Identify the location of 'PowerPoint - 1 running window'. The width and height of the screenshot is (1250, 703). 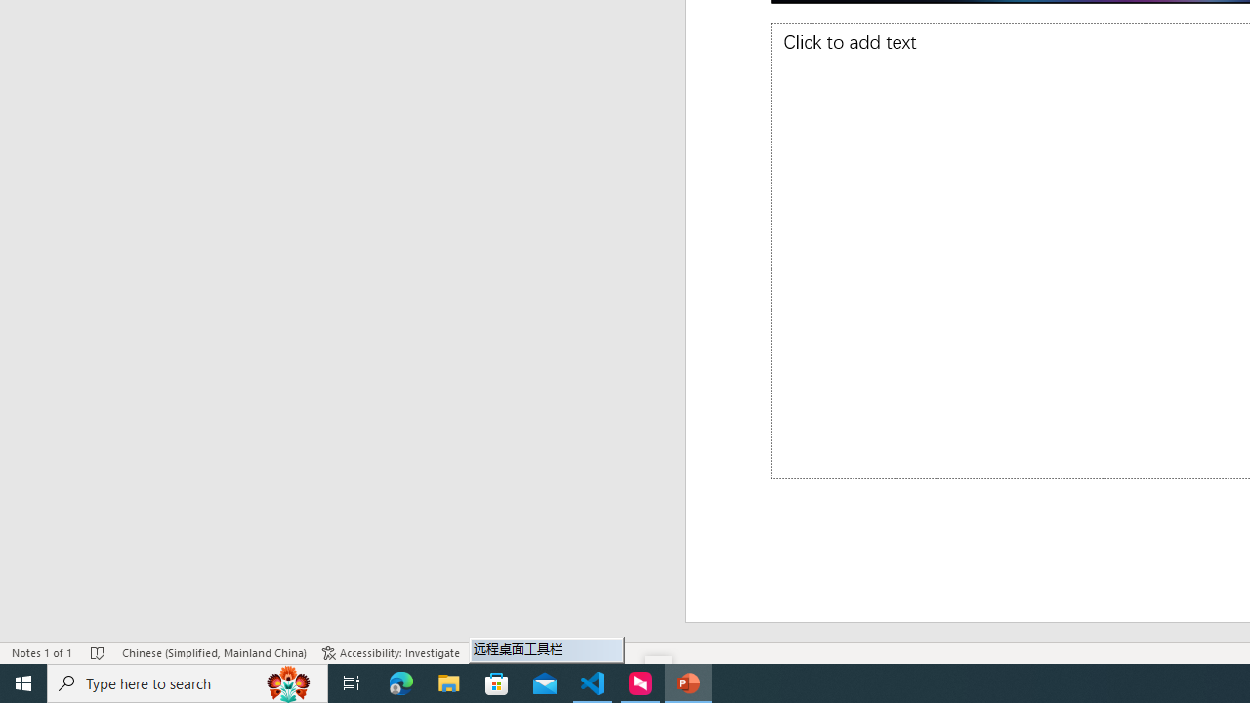
(688, 682).